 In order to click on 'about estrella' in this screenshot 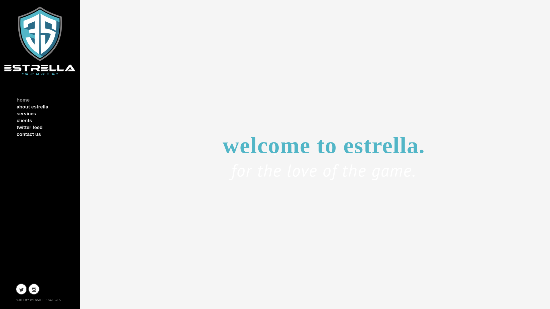, I will do `click(40, 108)`.